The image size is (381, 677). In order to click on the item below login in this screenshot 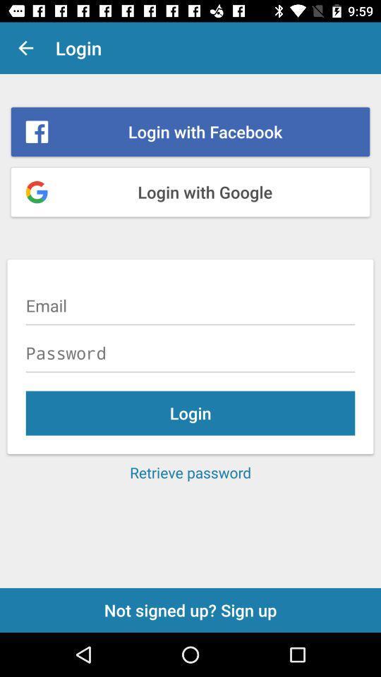, I will do `click(190, 472)`.